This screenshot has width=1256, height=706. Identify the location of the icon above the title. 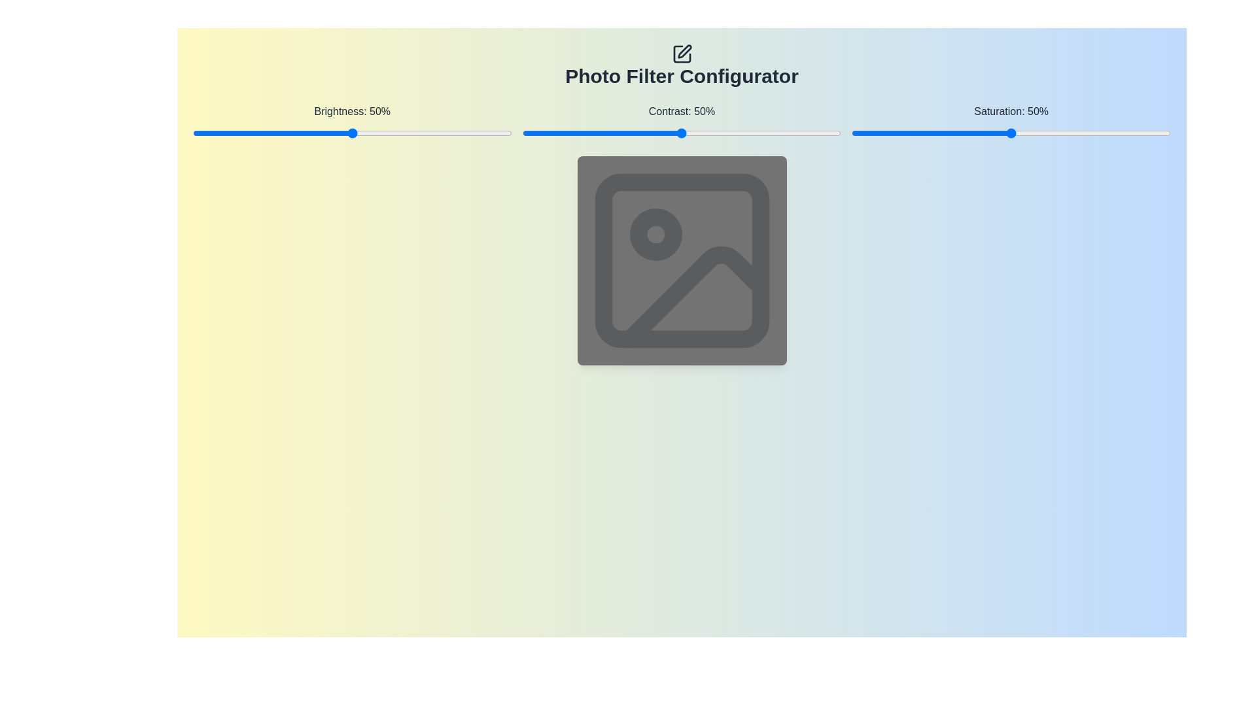
(681, 54).